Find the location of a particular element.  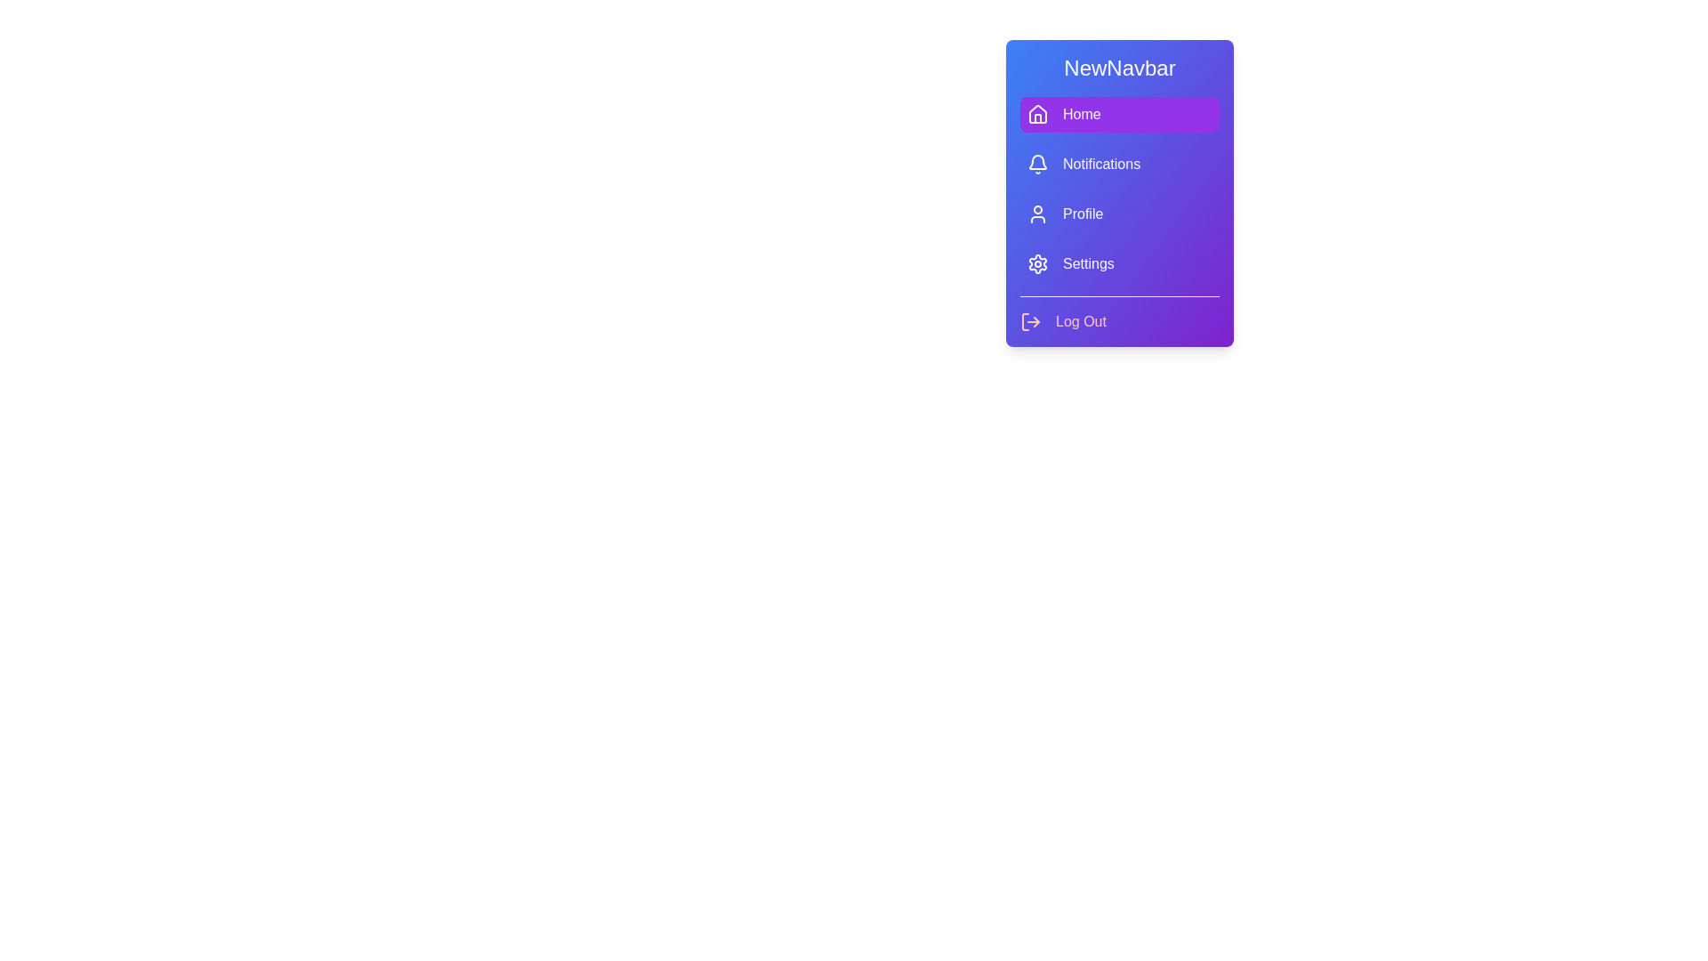

the 'Profile' button in the vertical navigation menu is located at coordinates (1118, 213).